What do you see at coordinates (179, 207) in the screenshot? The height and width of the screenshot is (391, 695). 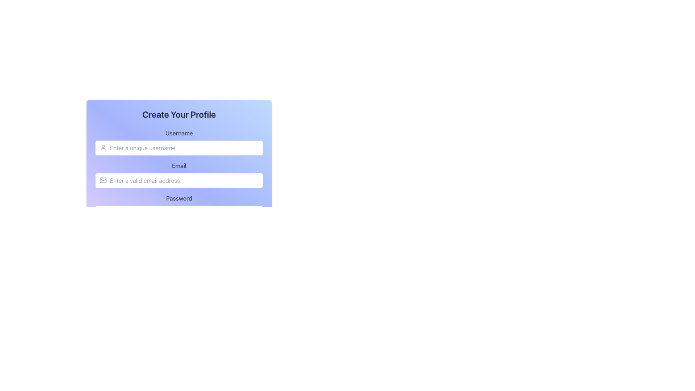 I see `the password input field to select the text within it, as it is the third and bottommost field` at bounding box center [179, 207].